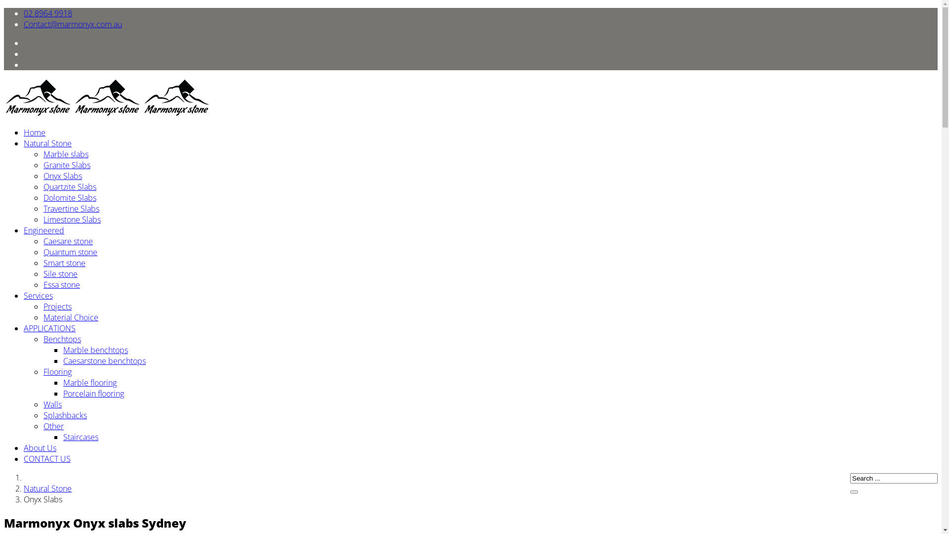  What do you see at coordinates (47, 13) in the screenshot?
I see `'02 8964 9918'` at bounding box center [47, 13].